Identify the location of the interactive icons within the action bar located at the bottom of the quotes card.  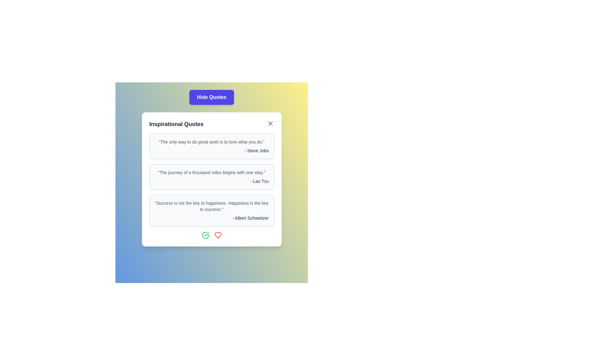
(212, 235).